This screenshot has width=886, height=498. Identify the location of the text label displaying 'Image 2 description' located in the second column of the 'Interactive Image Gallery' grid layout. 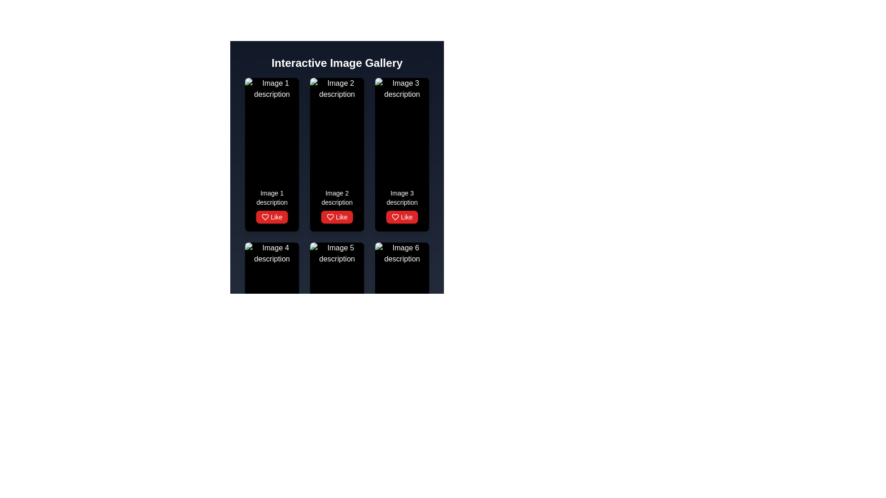
(336, 197).